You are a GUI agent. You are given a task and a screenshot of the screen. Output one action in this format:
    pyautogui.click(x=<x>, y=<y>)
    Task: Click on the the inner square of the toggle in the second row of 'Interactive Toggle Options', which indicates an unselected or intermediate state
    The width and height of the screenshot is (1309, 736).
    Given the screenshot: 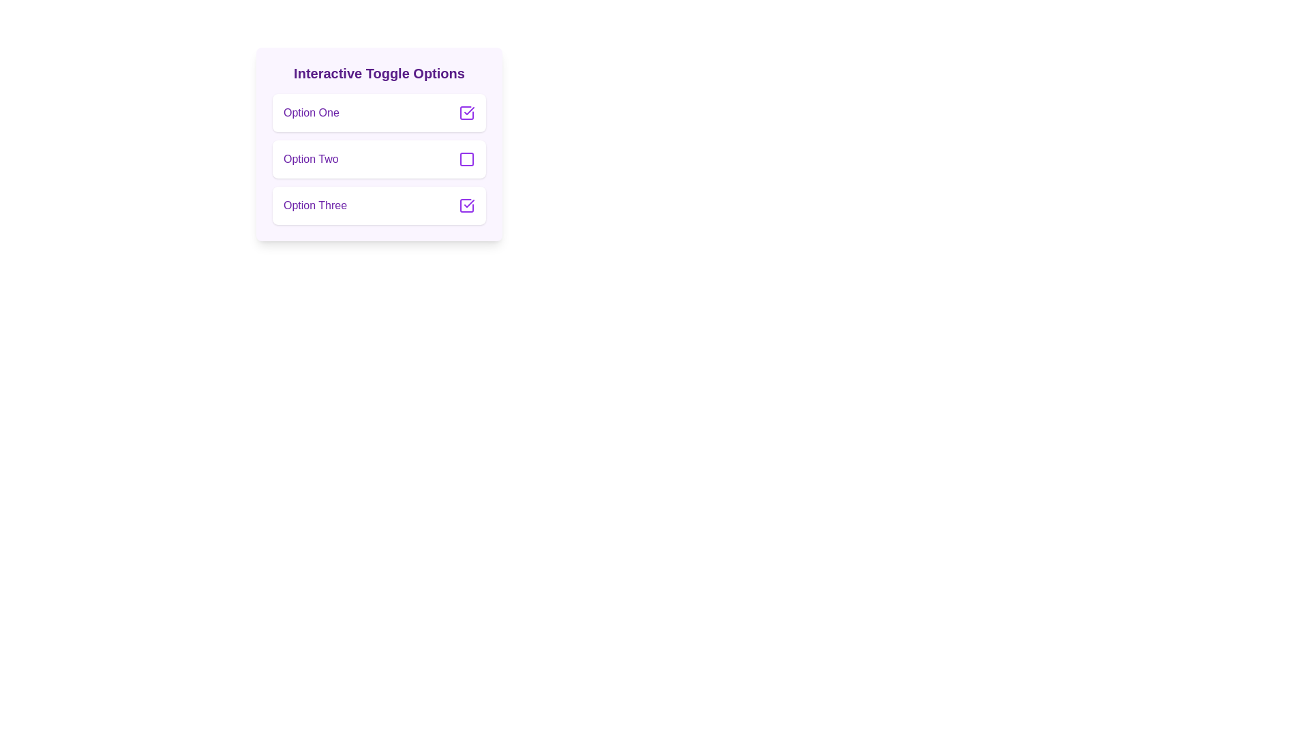 What is the action you would take?
    pyautogui.click(x=467, y=159)
    